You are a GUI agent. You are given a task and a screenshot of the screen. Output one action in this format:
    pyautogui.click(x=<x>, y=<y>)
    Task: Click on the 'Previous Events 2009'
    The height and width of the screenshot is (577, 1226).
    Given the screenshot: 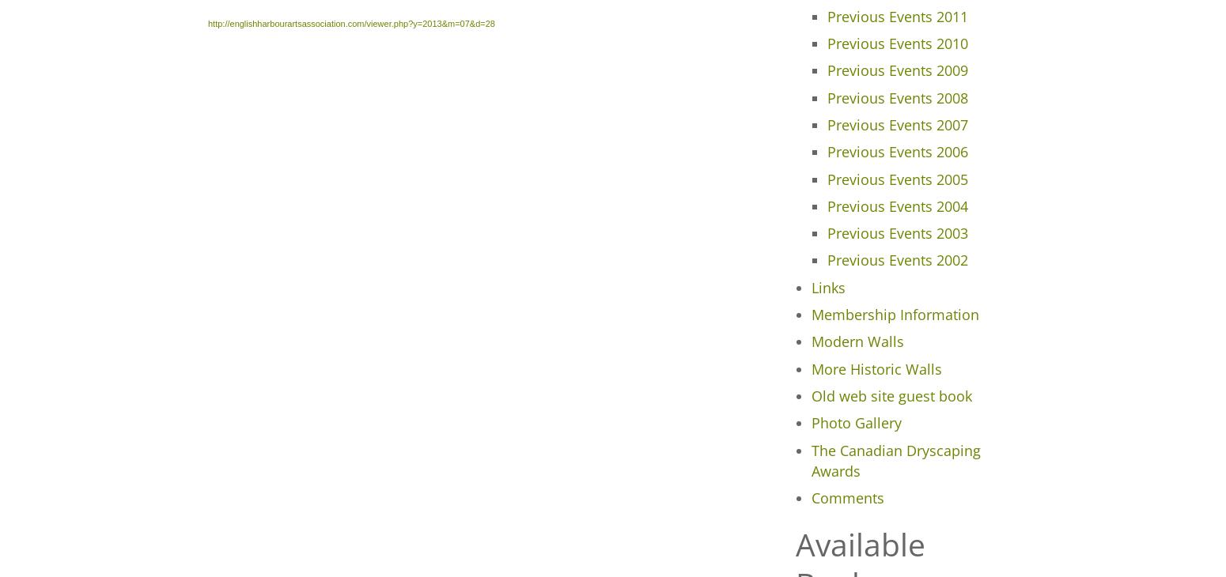 What is the action you would take?
    pyautogui.click(x=895, y=69)
    